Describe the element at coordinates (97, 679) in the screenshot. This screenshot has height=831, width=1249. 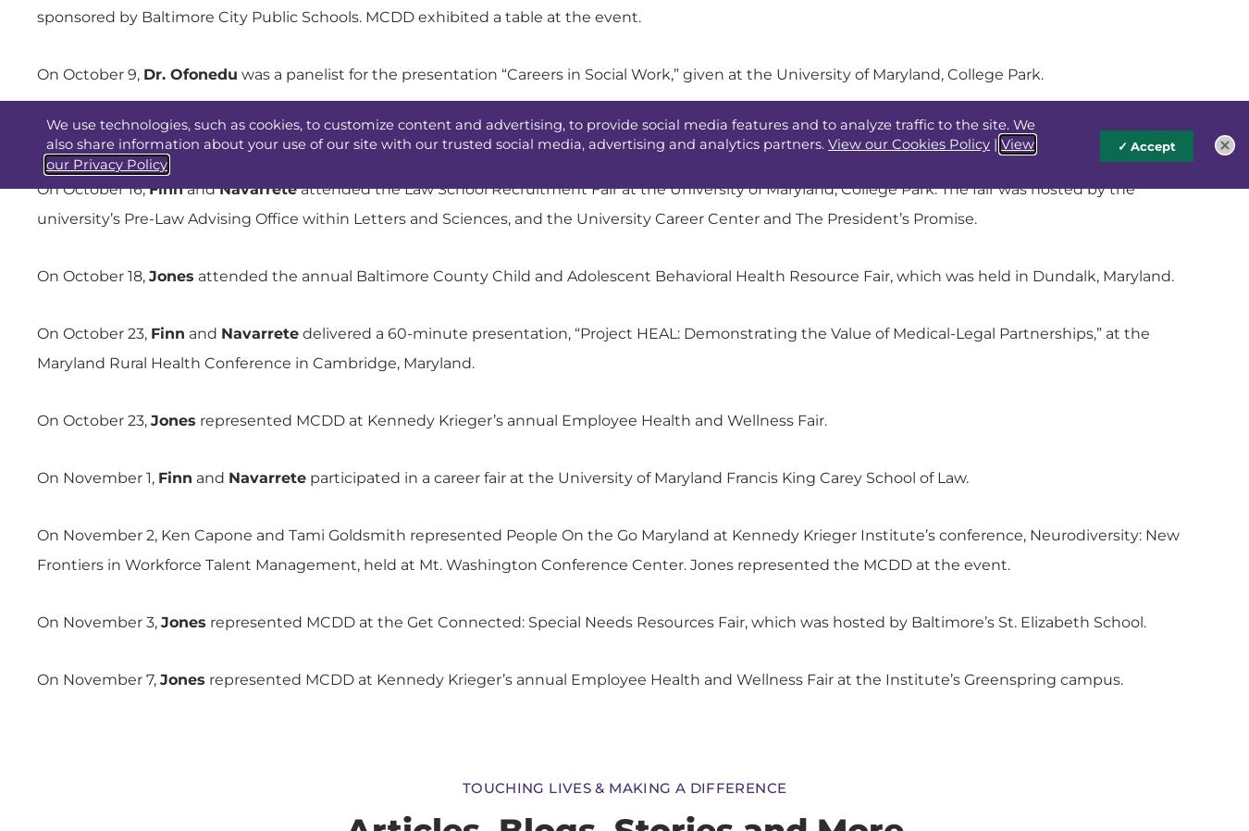
I see `'On November 7,'` at that location.